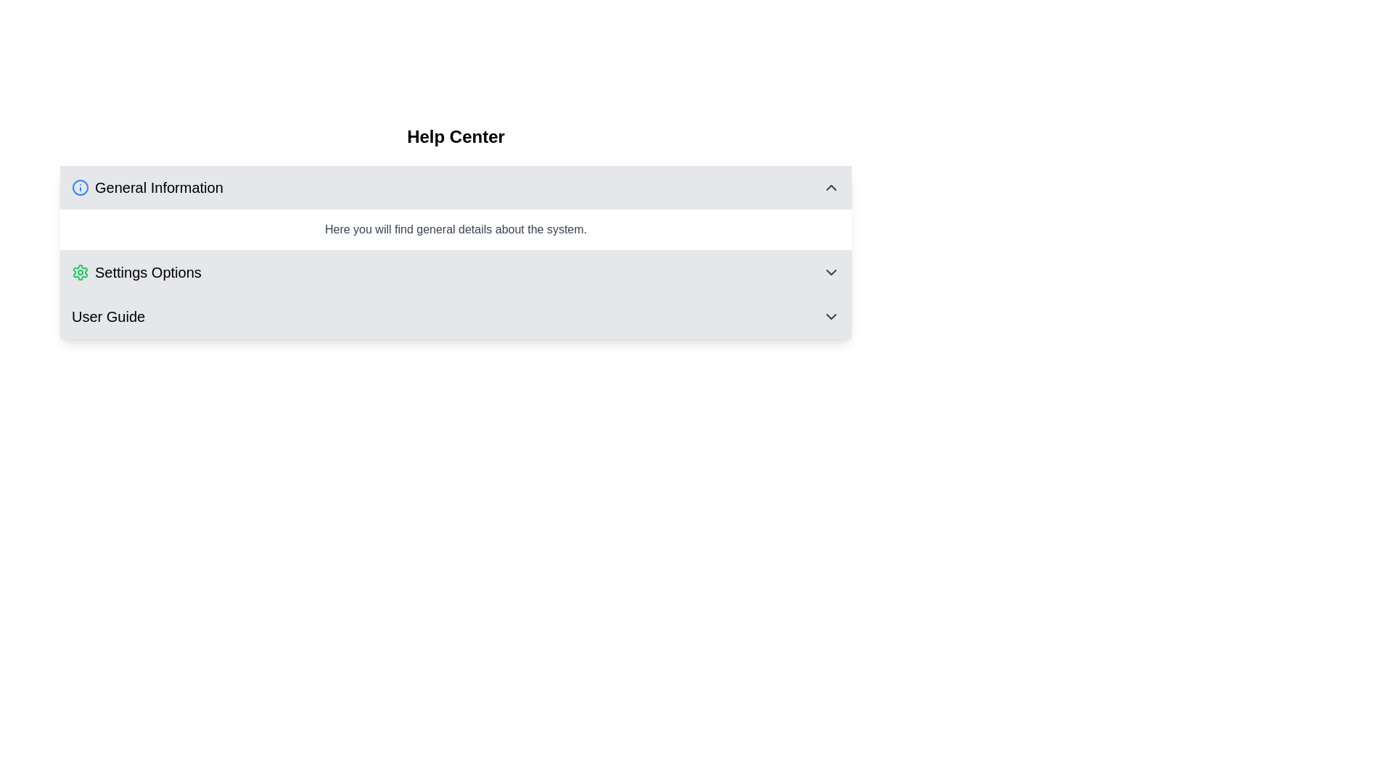 This screenshot has height=783, width=1393. I want to click on the text label that serves as the title for the first expandable section of the 'Help Center' module, positioned to the right of an information icon, to read the text, so click(159, 186).